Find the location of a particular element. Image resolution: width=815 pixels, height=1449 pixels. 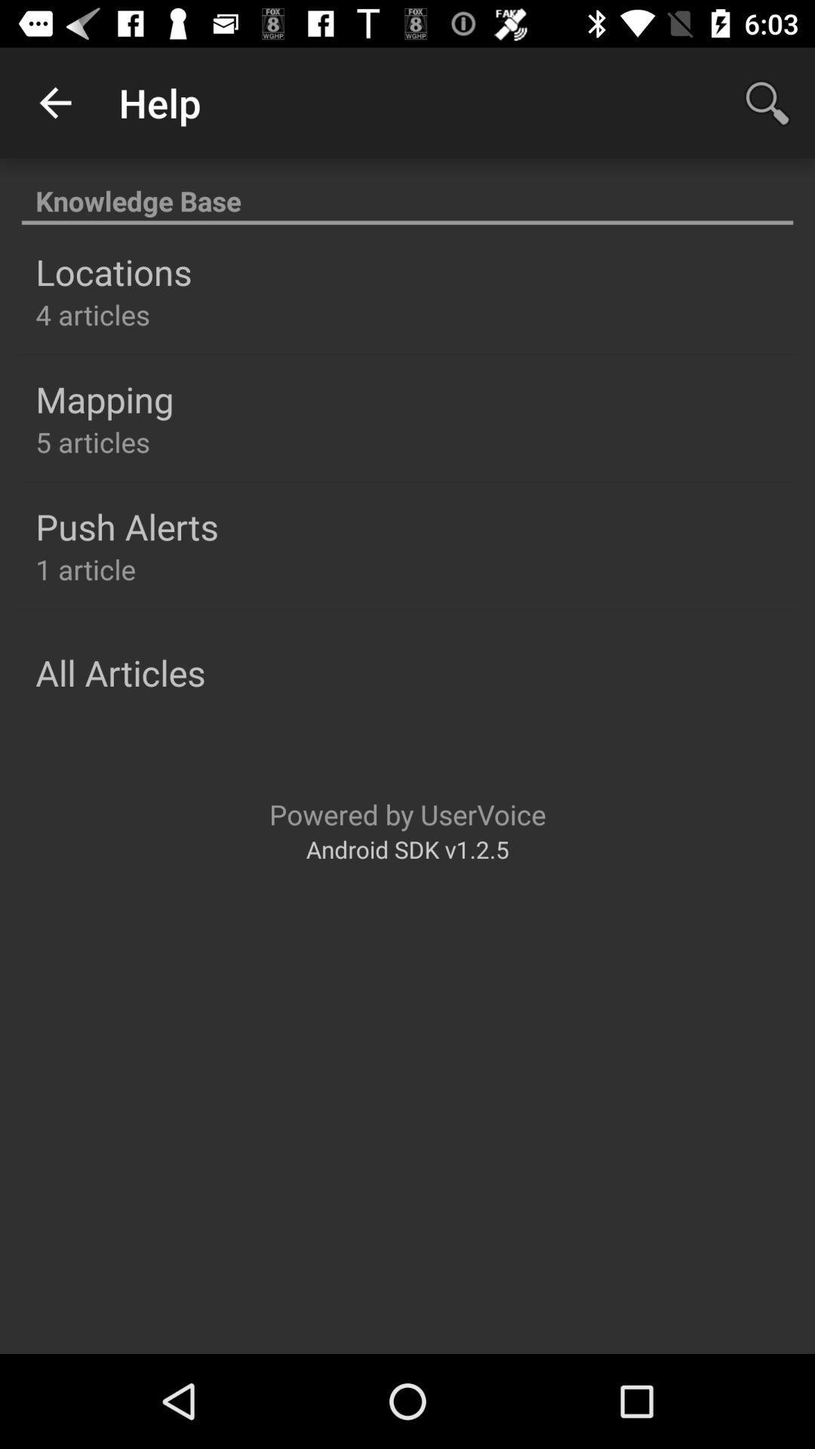

push alerts item is located at coordinates (126, 526).